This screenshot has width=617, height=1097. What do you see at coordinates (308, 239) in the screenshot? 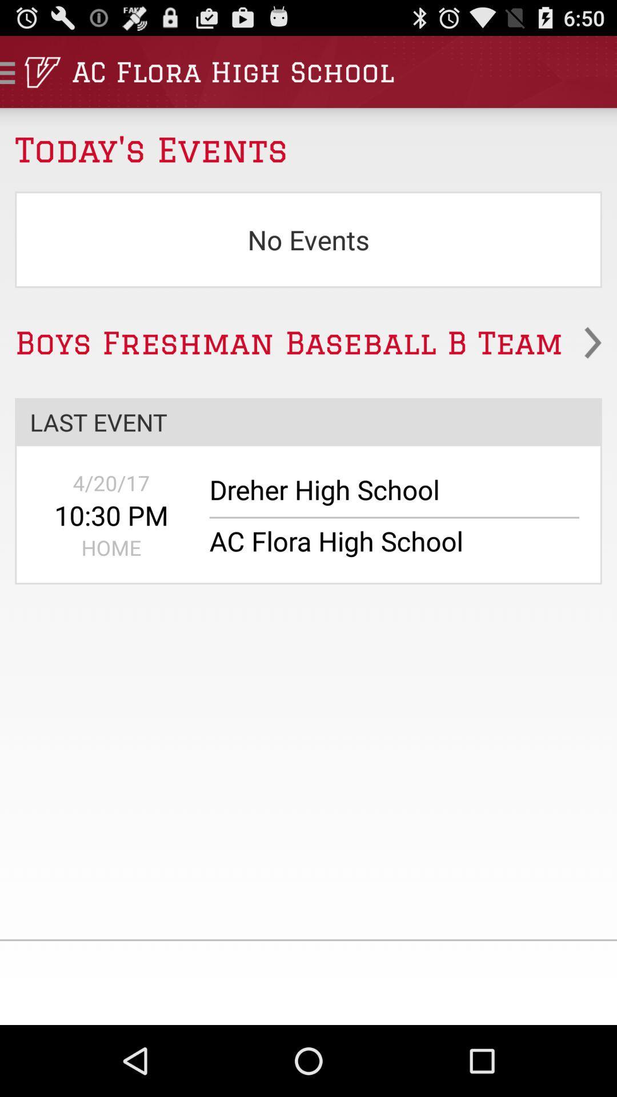
I see `the item below the today's events app` at bounding box center [308, 239].